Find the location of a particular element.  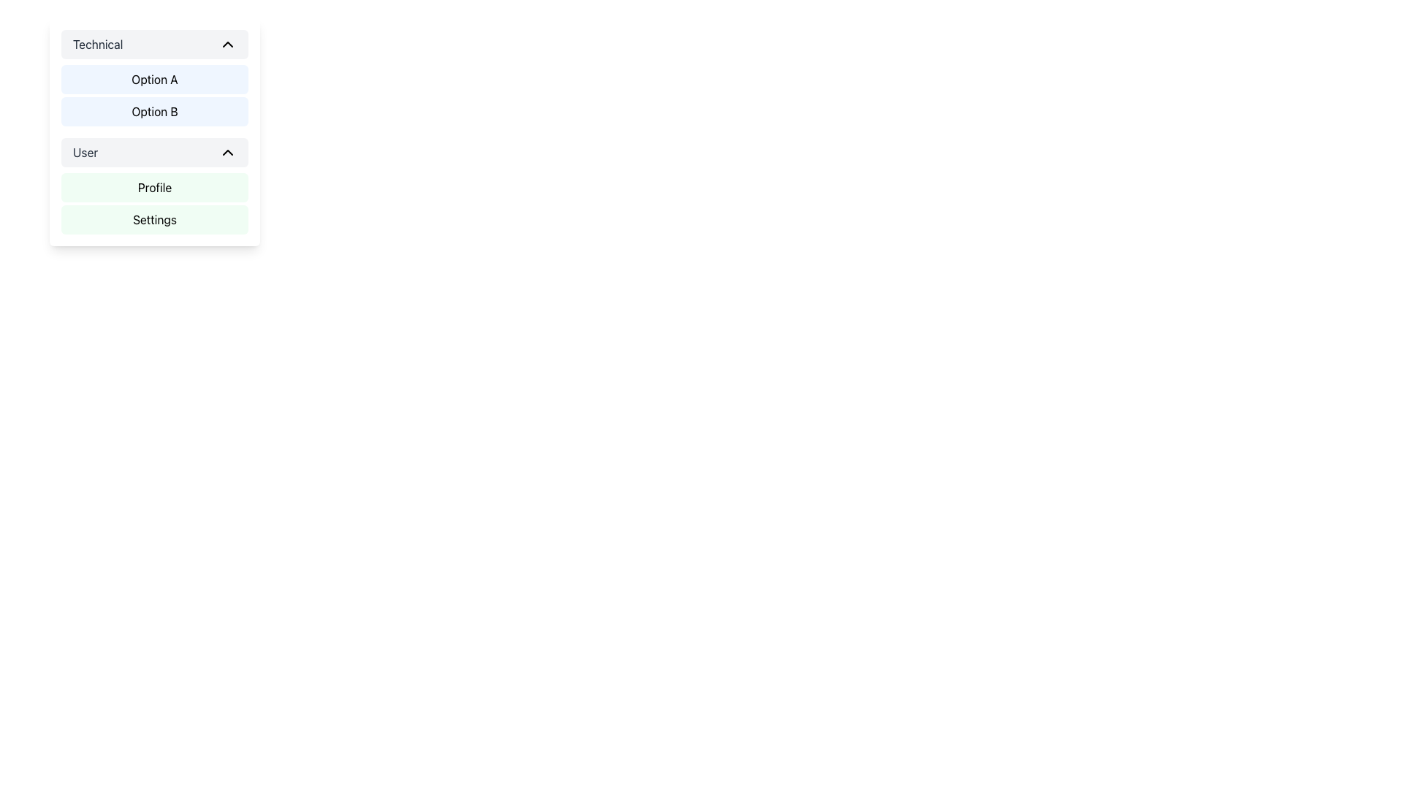

'Option A' in the dropdown list located under the 'Technical' section is located at coordinates (154, 96).